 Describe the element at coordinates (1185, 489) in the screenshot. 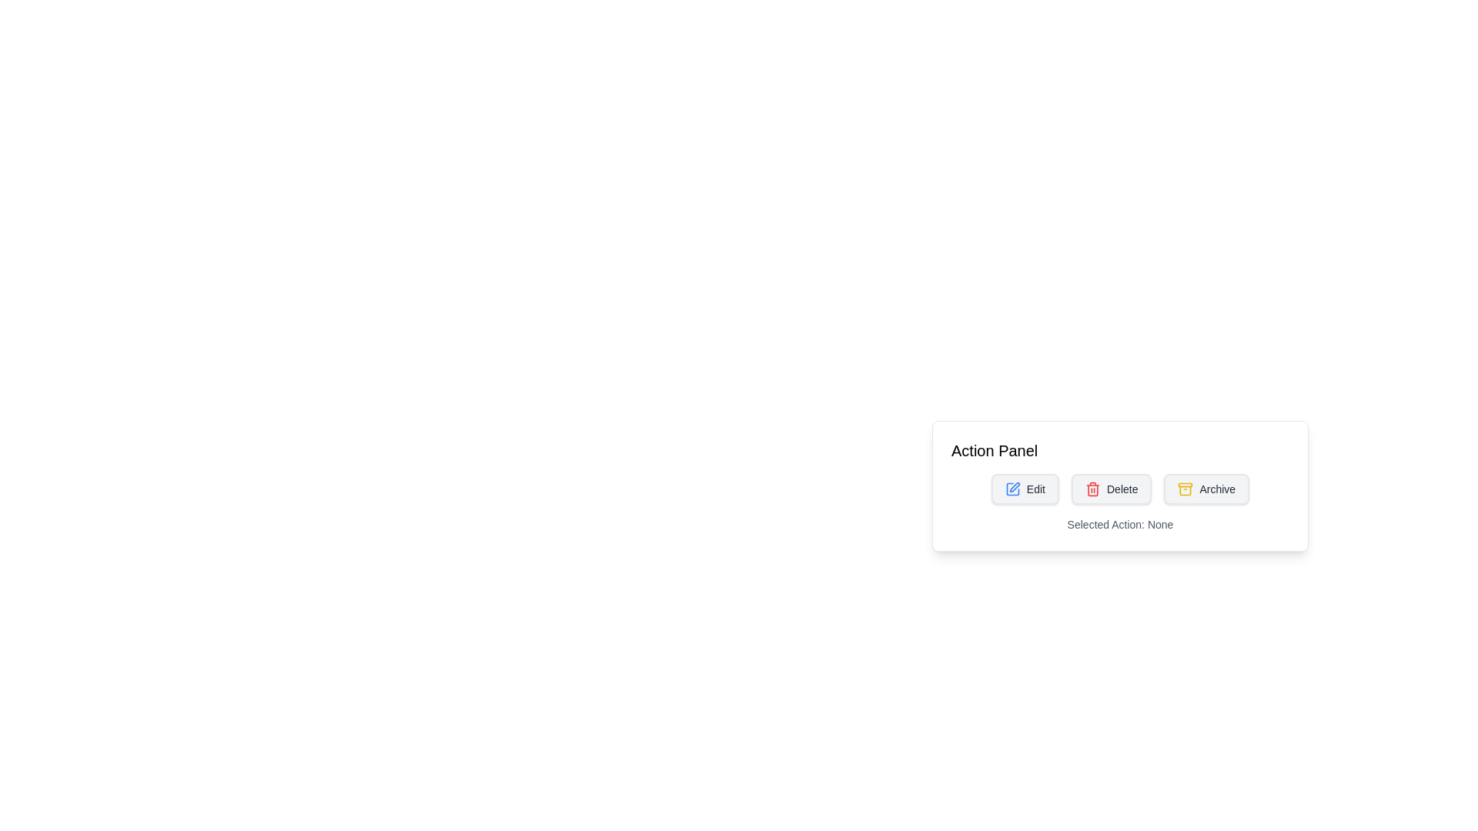

I see `the archive icon located to the left of the 'Archive' label in the user interface` at that location.